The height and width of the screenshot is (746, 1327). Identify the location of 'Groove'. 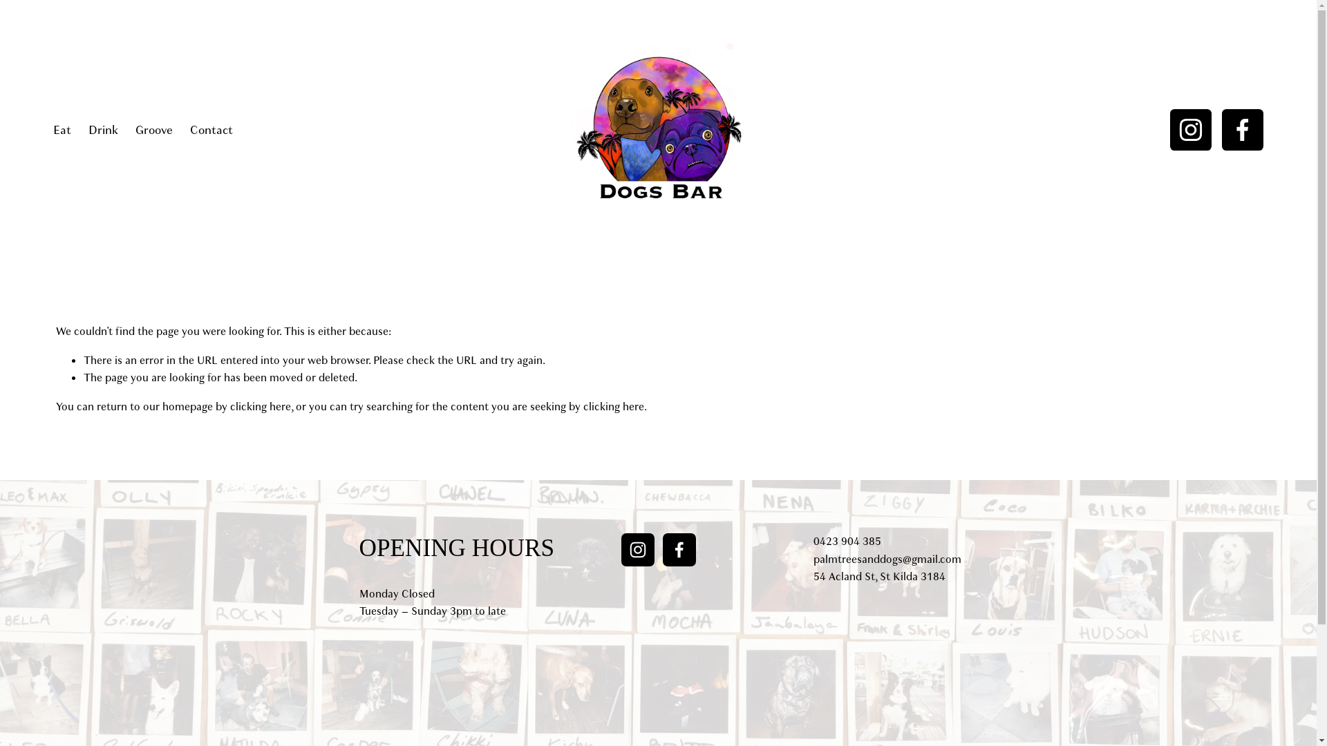
(153, 130).